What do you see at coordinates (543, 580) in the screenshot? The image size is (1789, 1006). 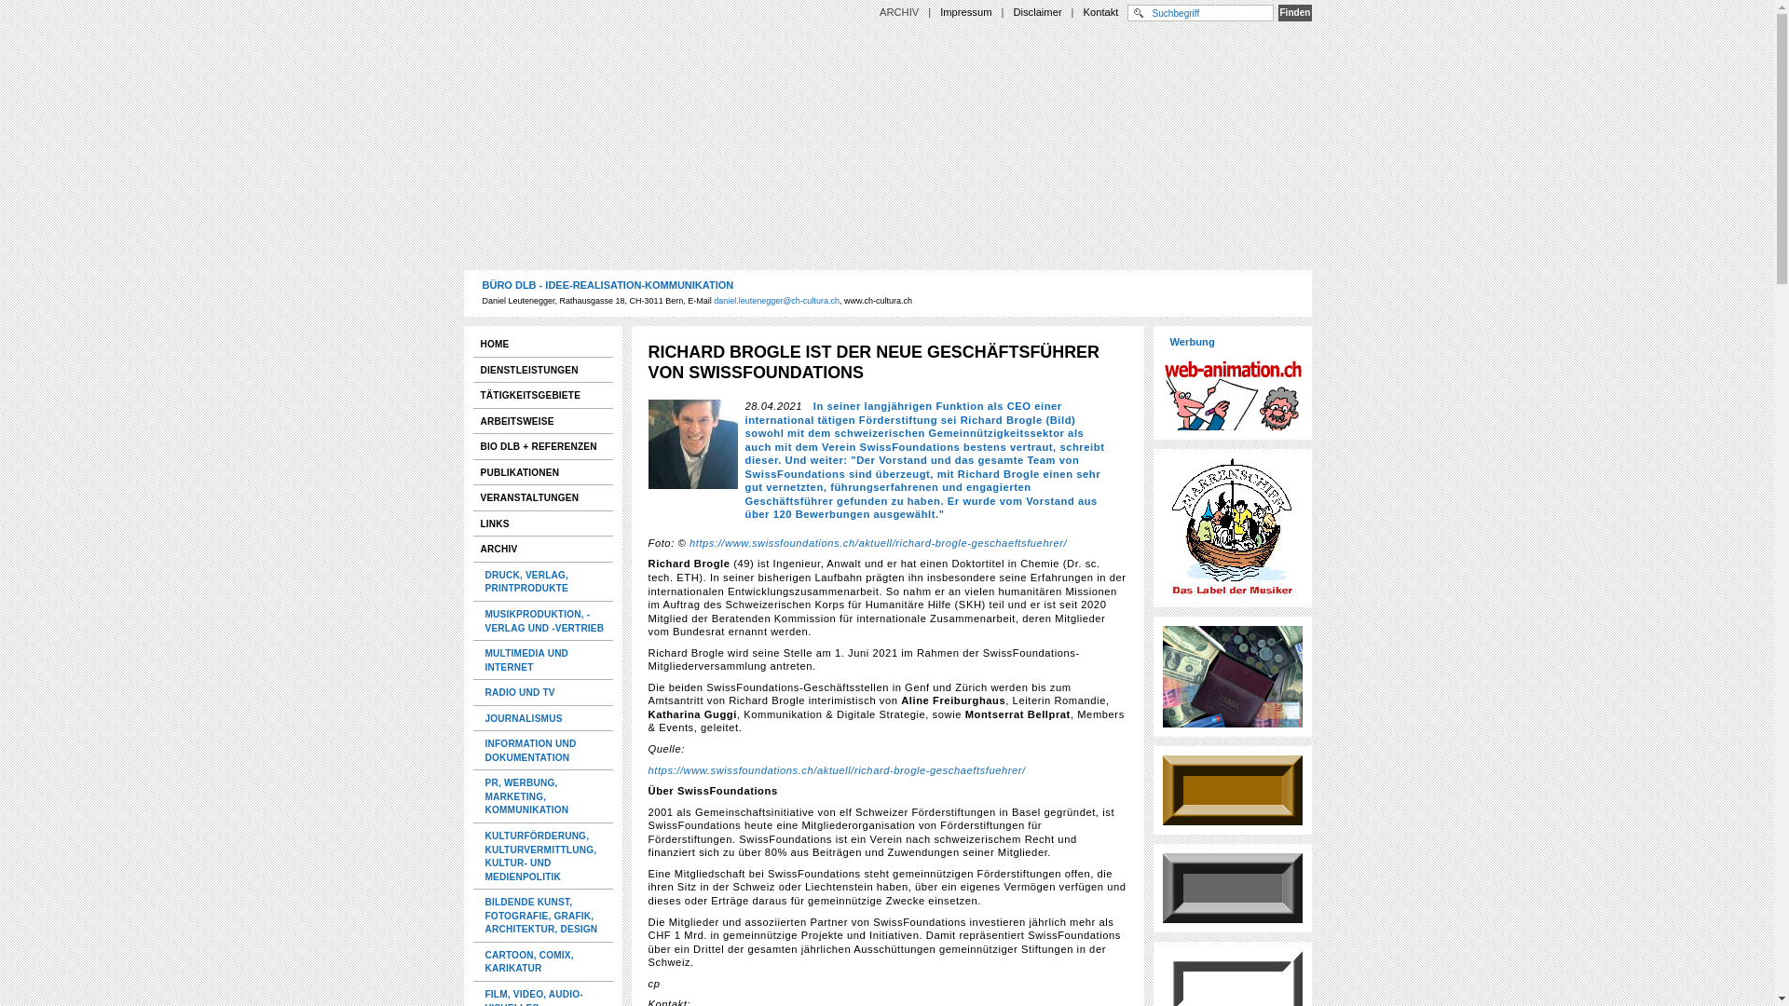 I see `'DRUCK, VERLAG, PRINTPRODUKTE'` at bounding box center [543, 580].